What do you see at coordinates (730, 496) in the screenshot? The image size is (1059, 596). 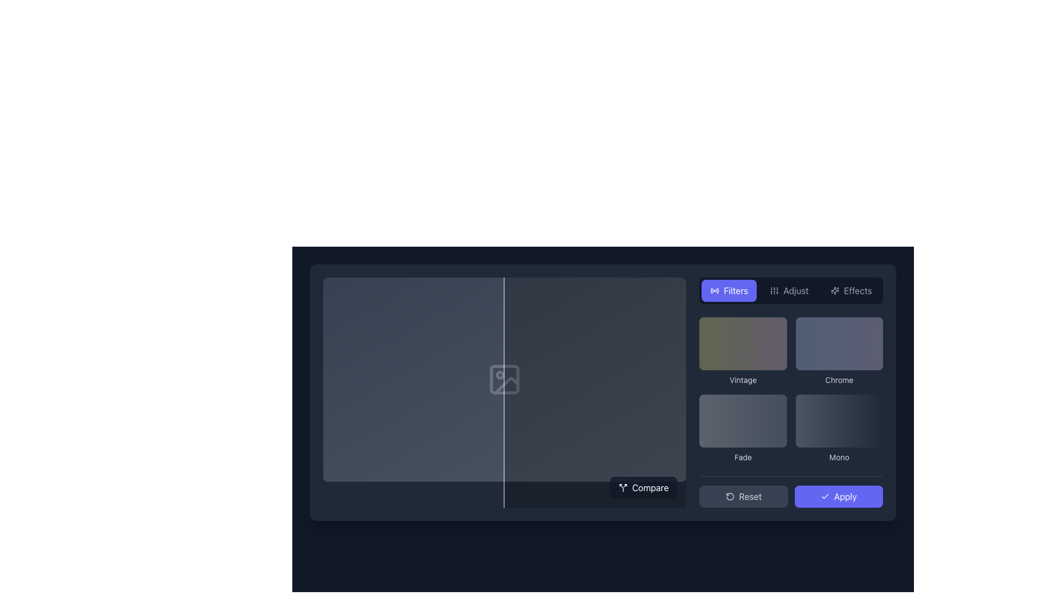 I see `the SVG icon within the 'Reset' button located in the bottom-right corner of the interface` at bounding box center [730, 496].